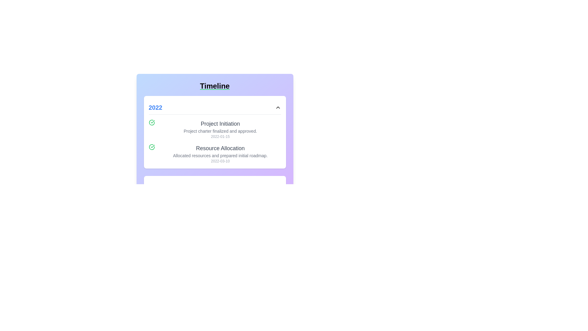 The image size is (588, 331). I want to click on the timeline-themed informational block for the year 2022, which features events like 'Project Initiation' and 'Resource Allocation', so click(215, 148).